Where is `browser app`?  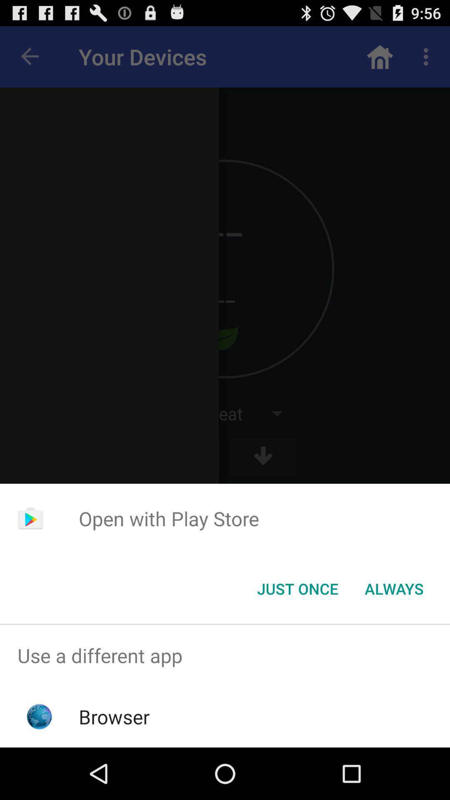 browser app is located at coordinates (114, 716).